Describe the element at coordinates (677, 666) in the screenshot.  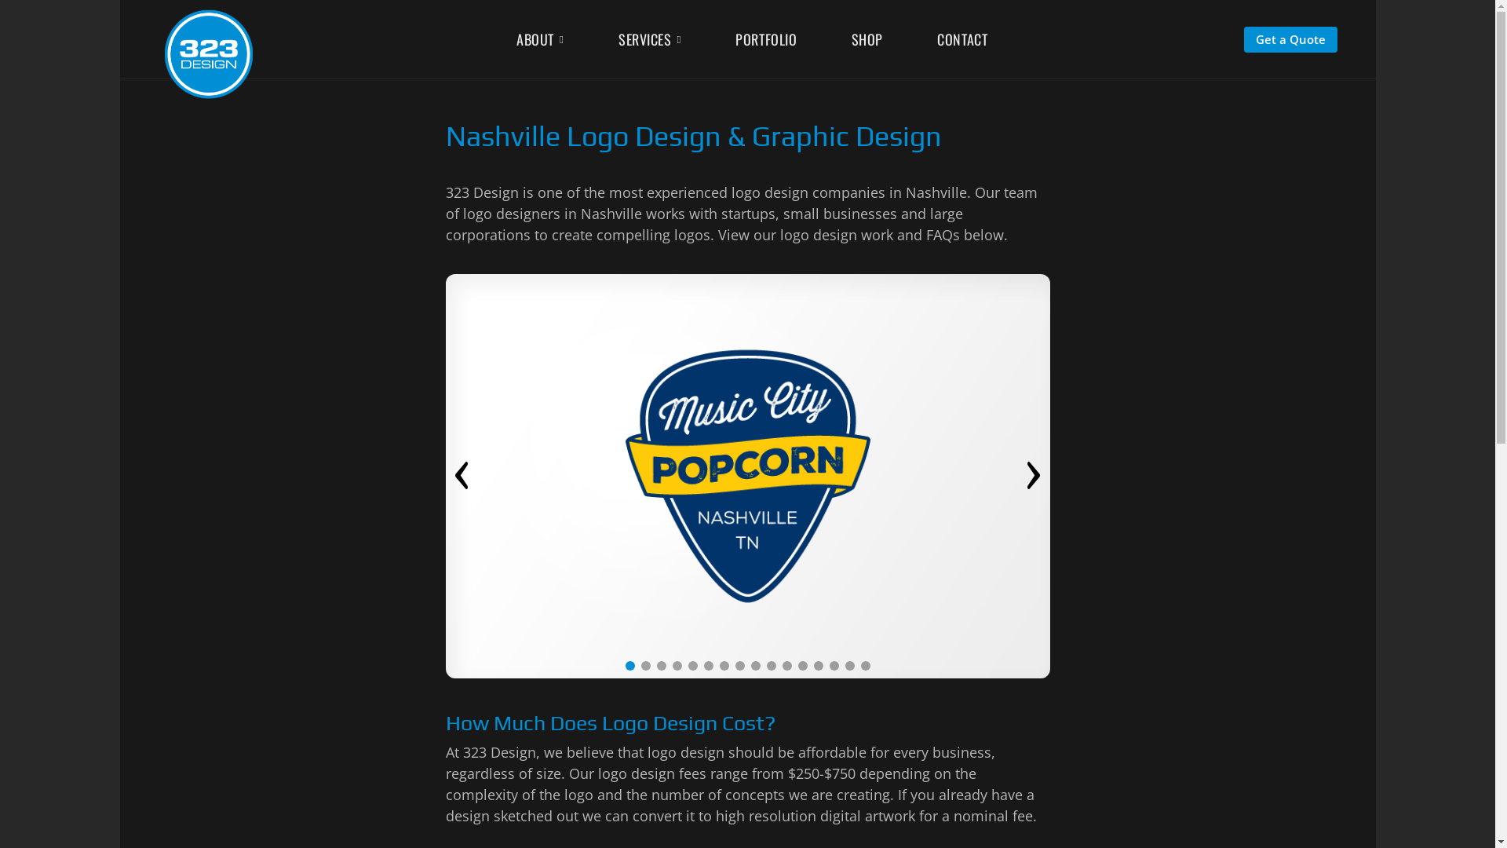
I see `'4'` at that location.